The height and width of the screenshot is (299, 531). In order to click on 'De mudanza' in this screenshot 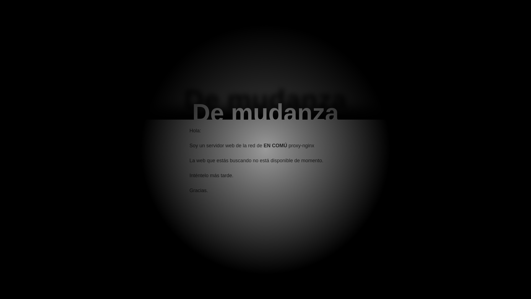, I will do `click(265, 113)`.